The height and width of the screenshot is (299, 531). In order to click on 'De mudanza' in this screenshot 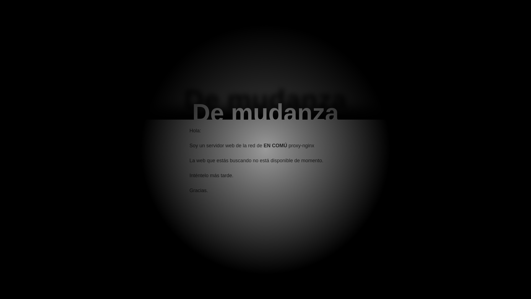, I will do `click(265, 113)`.